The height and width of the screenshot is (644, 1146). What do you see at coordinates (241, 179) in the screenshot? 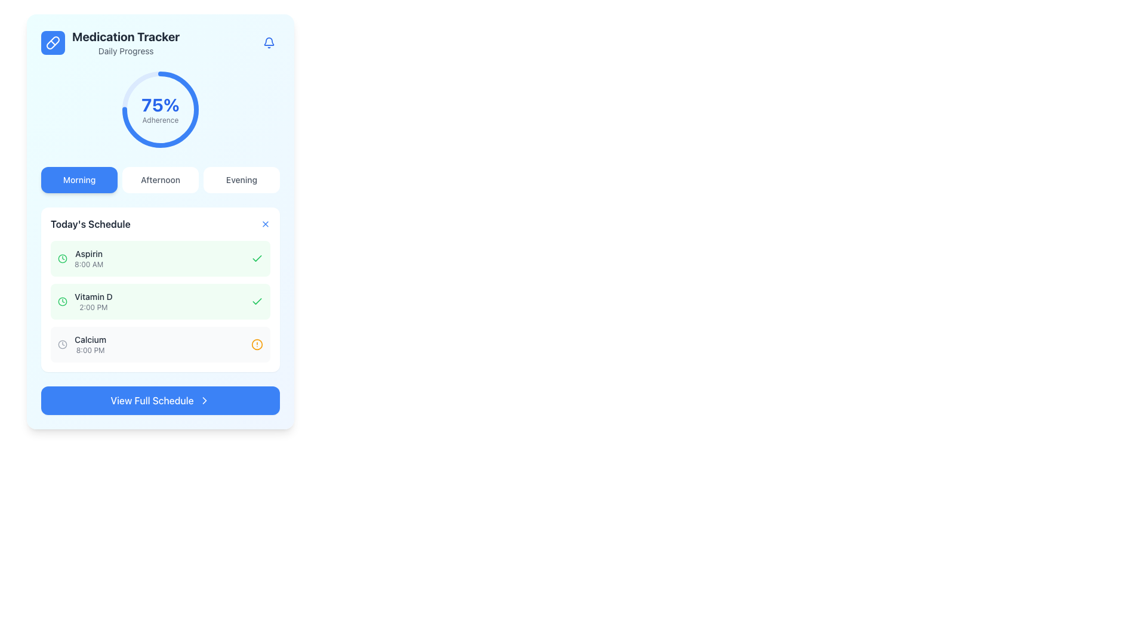
I see `the rounded rectangular button labeled 'Evening'` at bounding box center [241, 179].